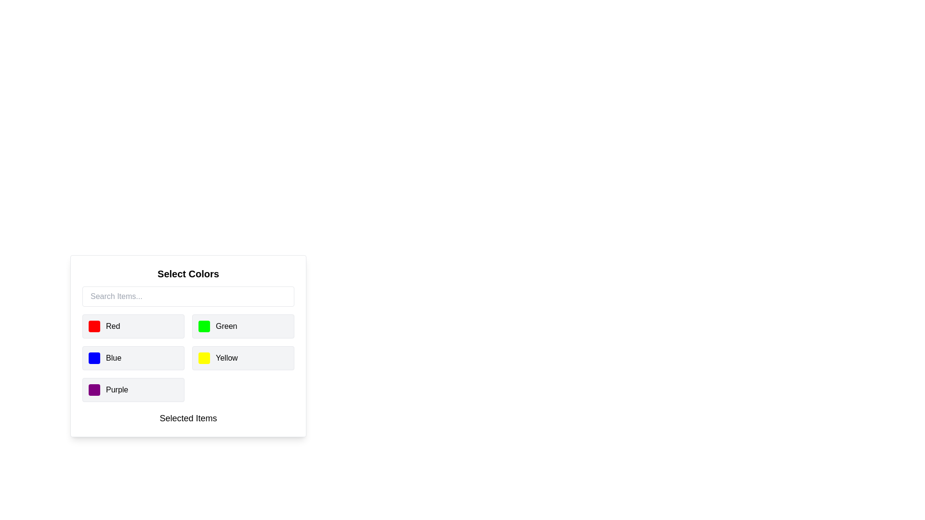  I want to click on text of the 'Red' color label located in the top-left corner of the grid under 'Select Colors.', so click(113, 326).